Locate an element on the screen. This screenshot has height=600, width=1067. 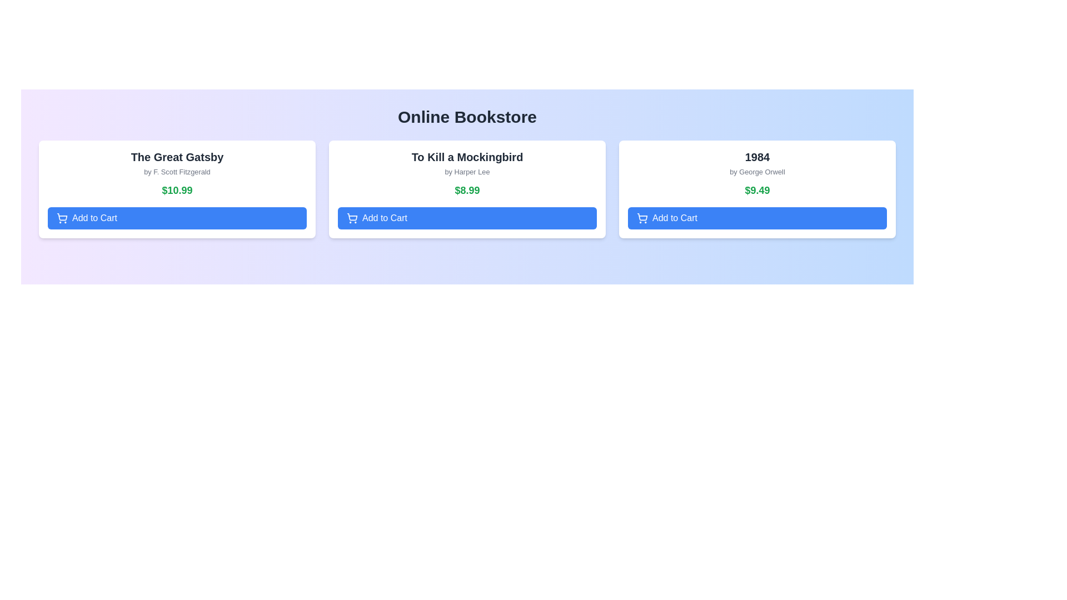
price value displayed by the static text located below 'by George Orwell' and above the 'Add to Cart' button is located at coordinates (757, 190).